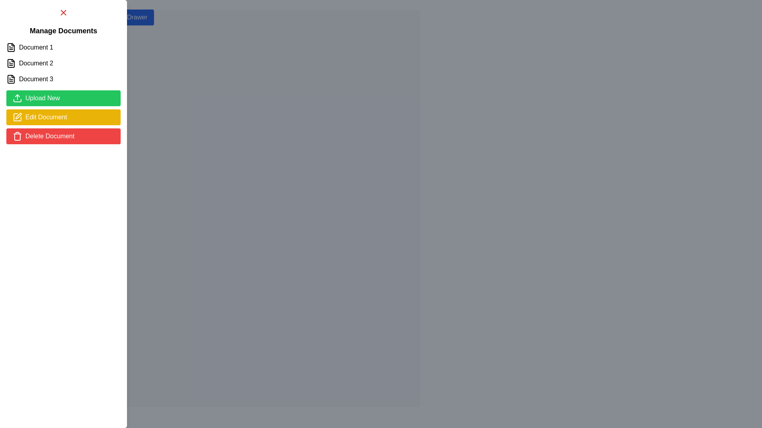  What do you see at coordinates (11, 47) in the screenshot?
I see `the document icon, which is an outlined black icon styled as a document with a folded corner, located adjacent to the text 'Document 1' in the sidebar under 'Manage Documents.'` at bounding box center [11, 47].